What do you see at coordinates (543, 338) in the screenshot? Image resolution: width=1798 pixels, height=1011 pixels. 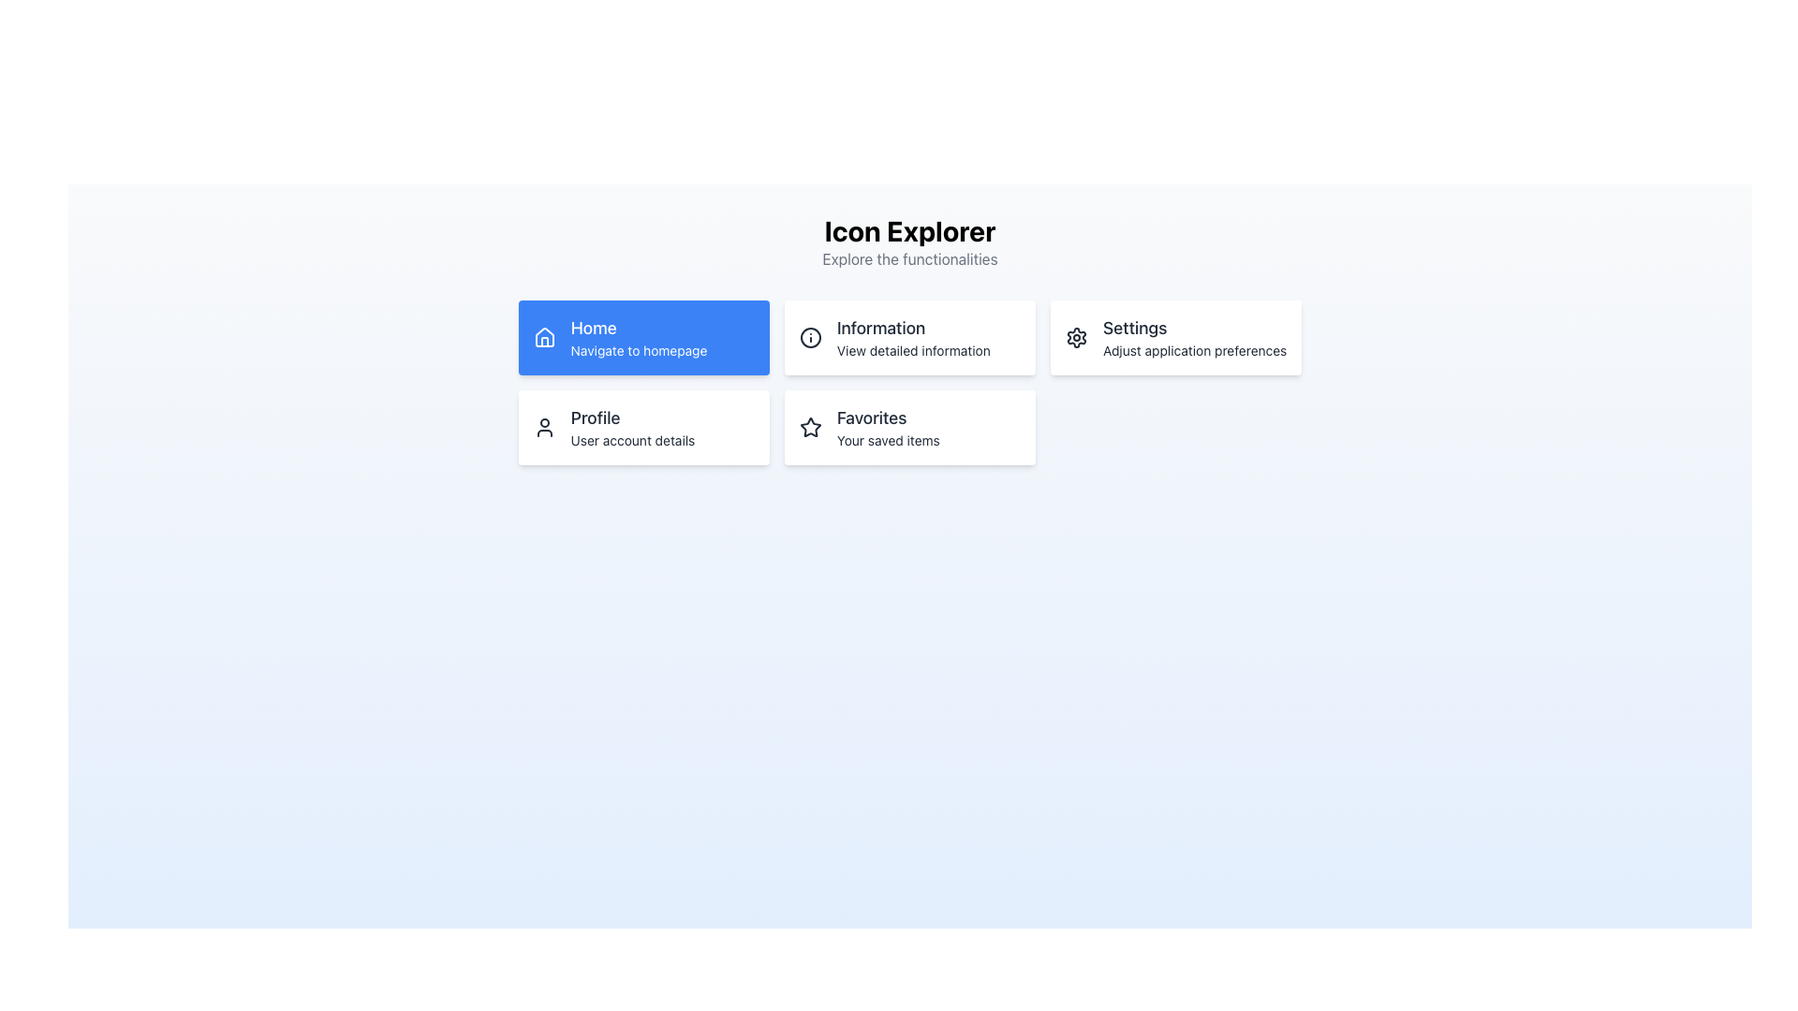 I see `the home-shaped icon with a blue background located within the top-left button labeled 'Home Navigate to homepage'` at bounding box center [543, 338].